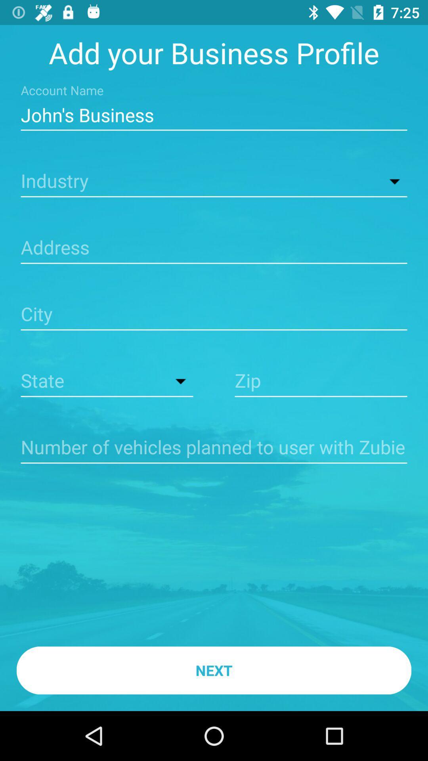 Image resolution: width=428 pixels, height=761 pixels. I want to click on city name, so click(214, 315).